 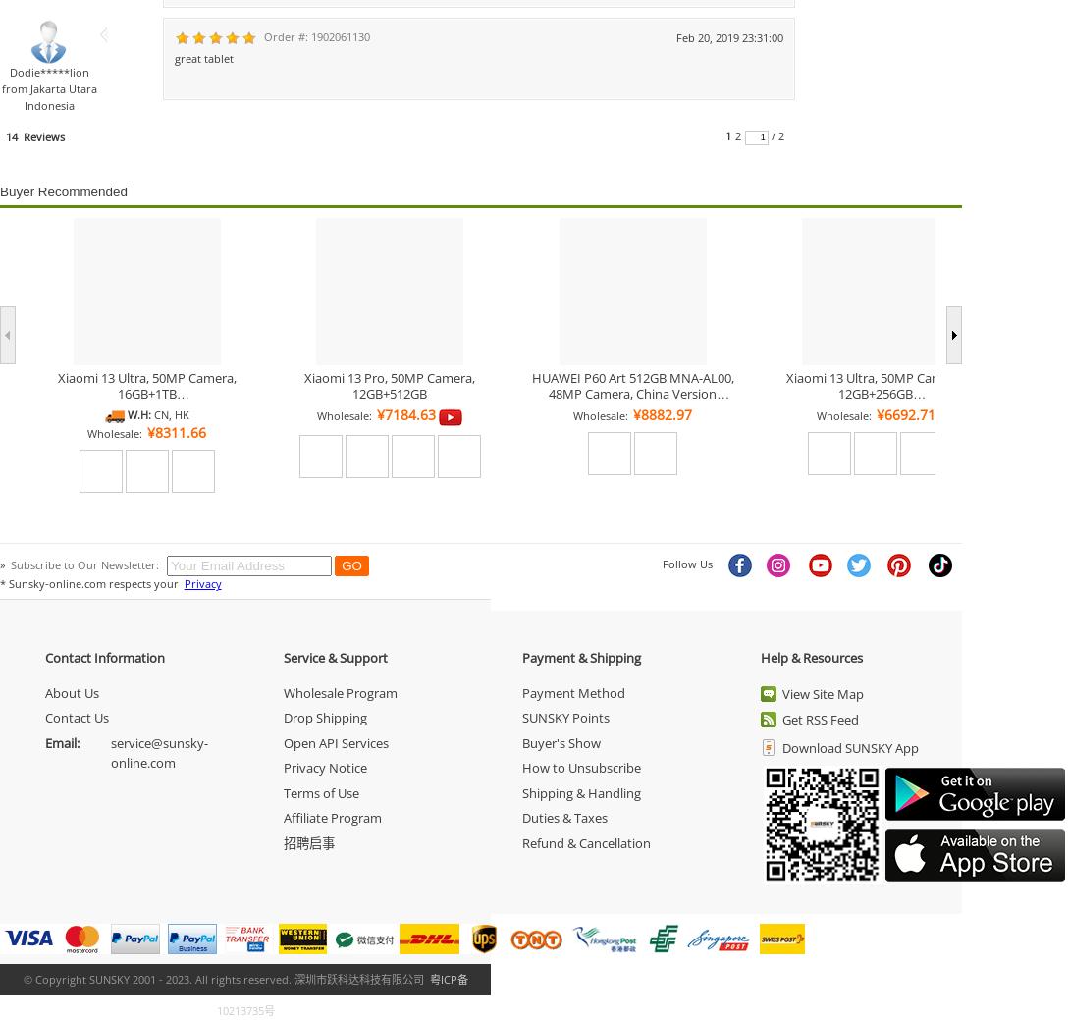 I want to click on 'Contact Information', so click(x=103, y=657).